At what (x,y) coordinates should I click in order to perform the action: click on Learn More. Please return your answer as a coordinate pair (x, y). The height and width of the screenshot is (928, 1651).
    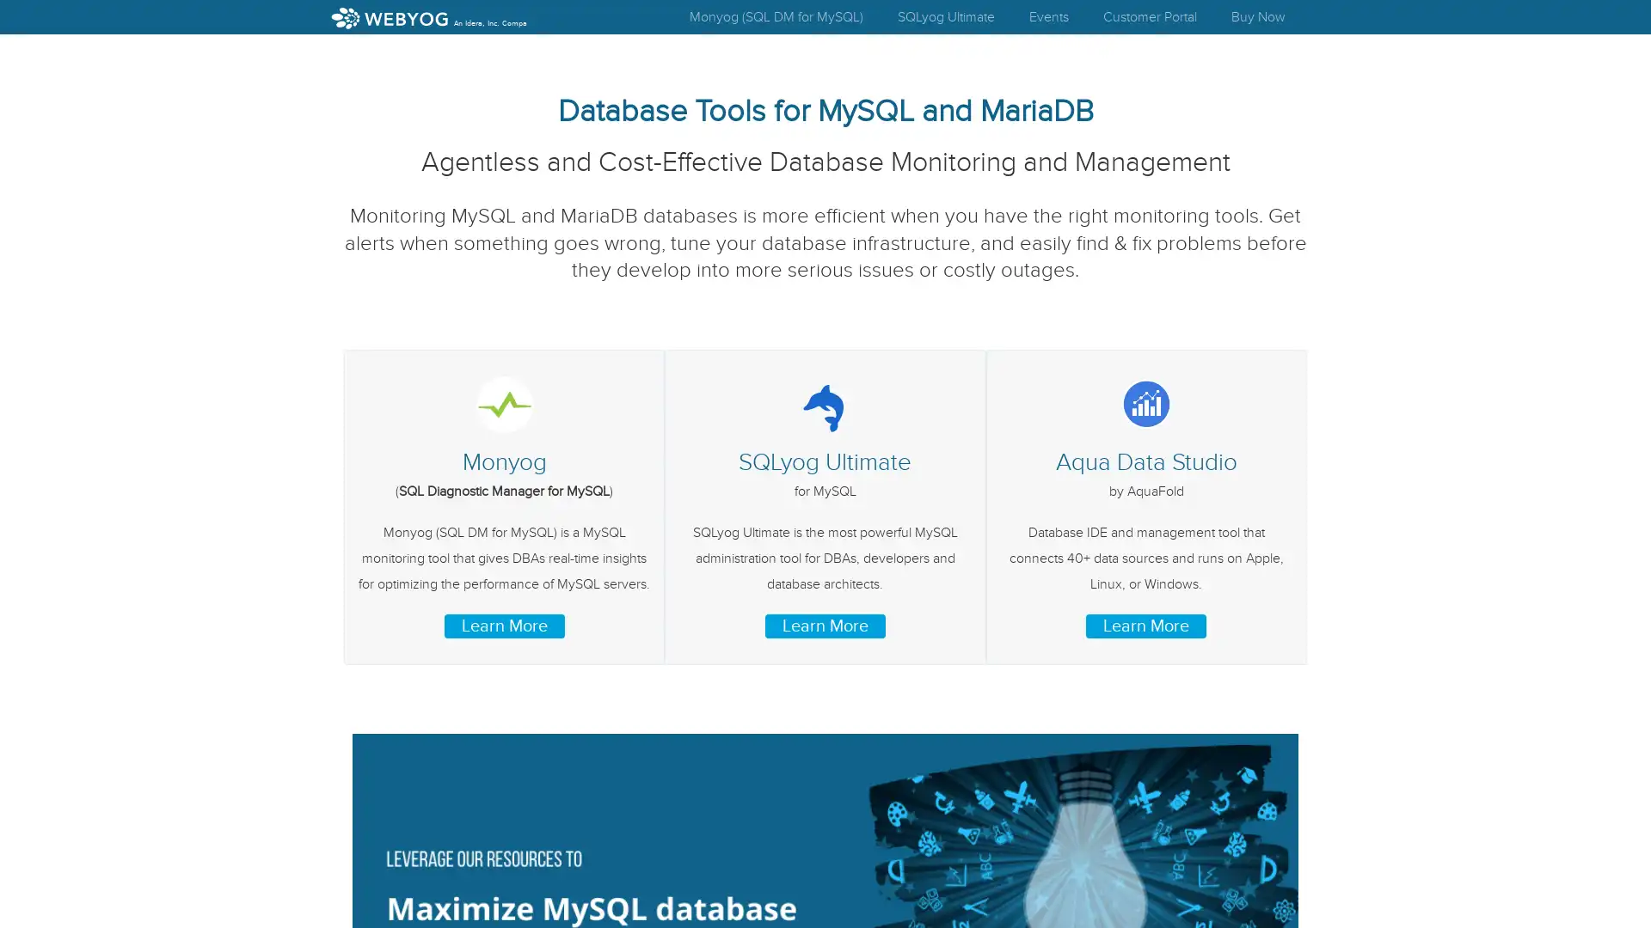
    Looking at the image, I should click on (1146, 626).